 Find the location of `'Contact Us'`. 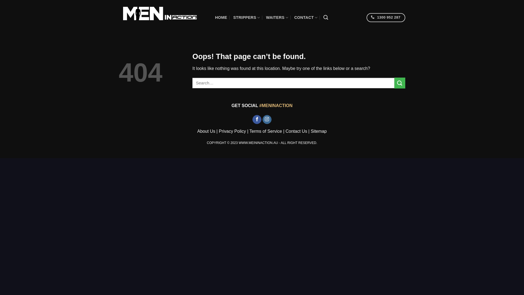

'Contact Us' is located at coordinates (296, 131).